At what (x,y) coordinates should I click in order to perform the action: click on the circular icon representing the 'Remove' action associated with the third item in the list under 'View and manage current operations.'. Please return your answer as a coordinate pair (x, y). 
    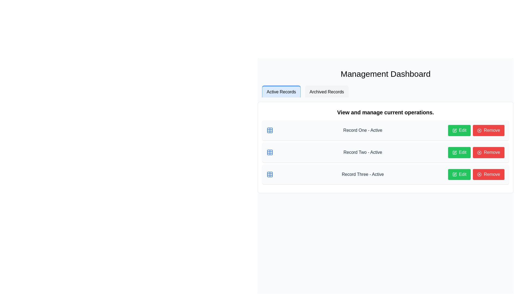
    Looking at the image, I should click on (479, 174).